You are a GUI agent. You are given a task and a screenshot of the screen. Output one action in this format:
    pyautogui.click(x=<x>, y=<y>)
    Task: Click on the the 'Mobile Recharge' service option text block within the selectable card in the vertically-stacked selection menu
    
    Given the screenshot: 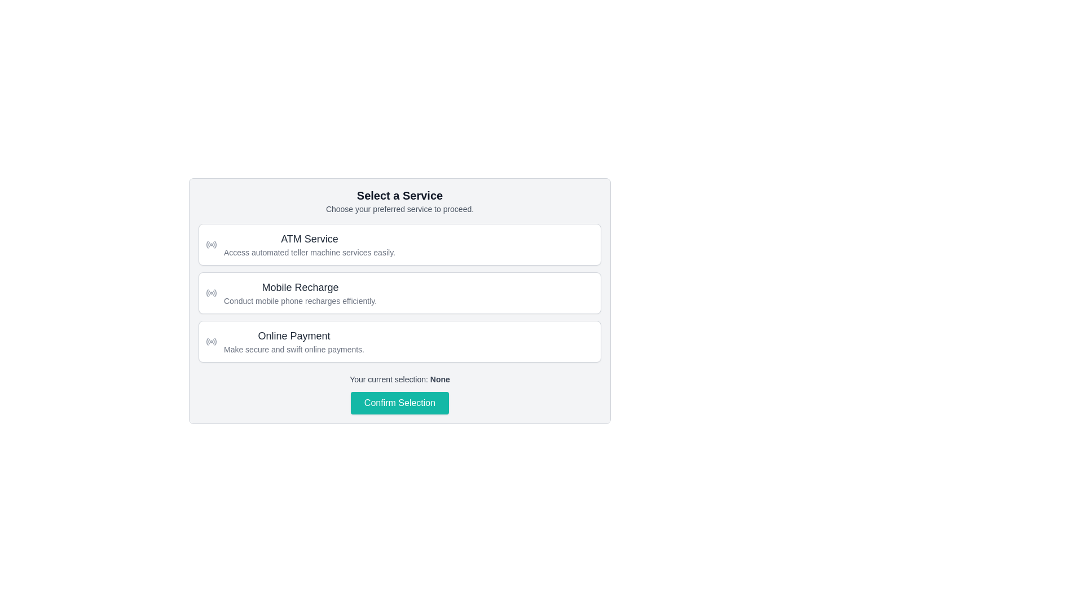 What is the action you would take?
    pyautogui.click(x=300, y=293)
    